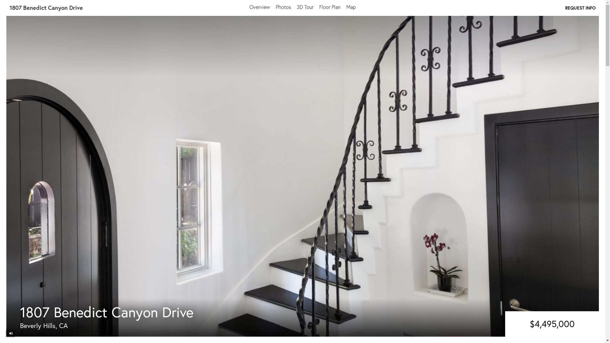 Image resolution: width=610 pixels, height=343 pixels. Describe the element at coordinates (296, 7) in the screenshot. I see `'3D Tour'` at that location.